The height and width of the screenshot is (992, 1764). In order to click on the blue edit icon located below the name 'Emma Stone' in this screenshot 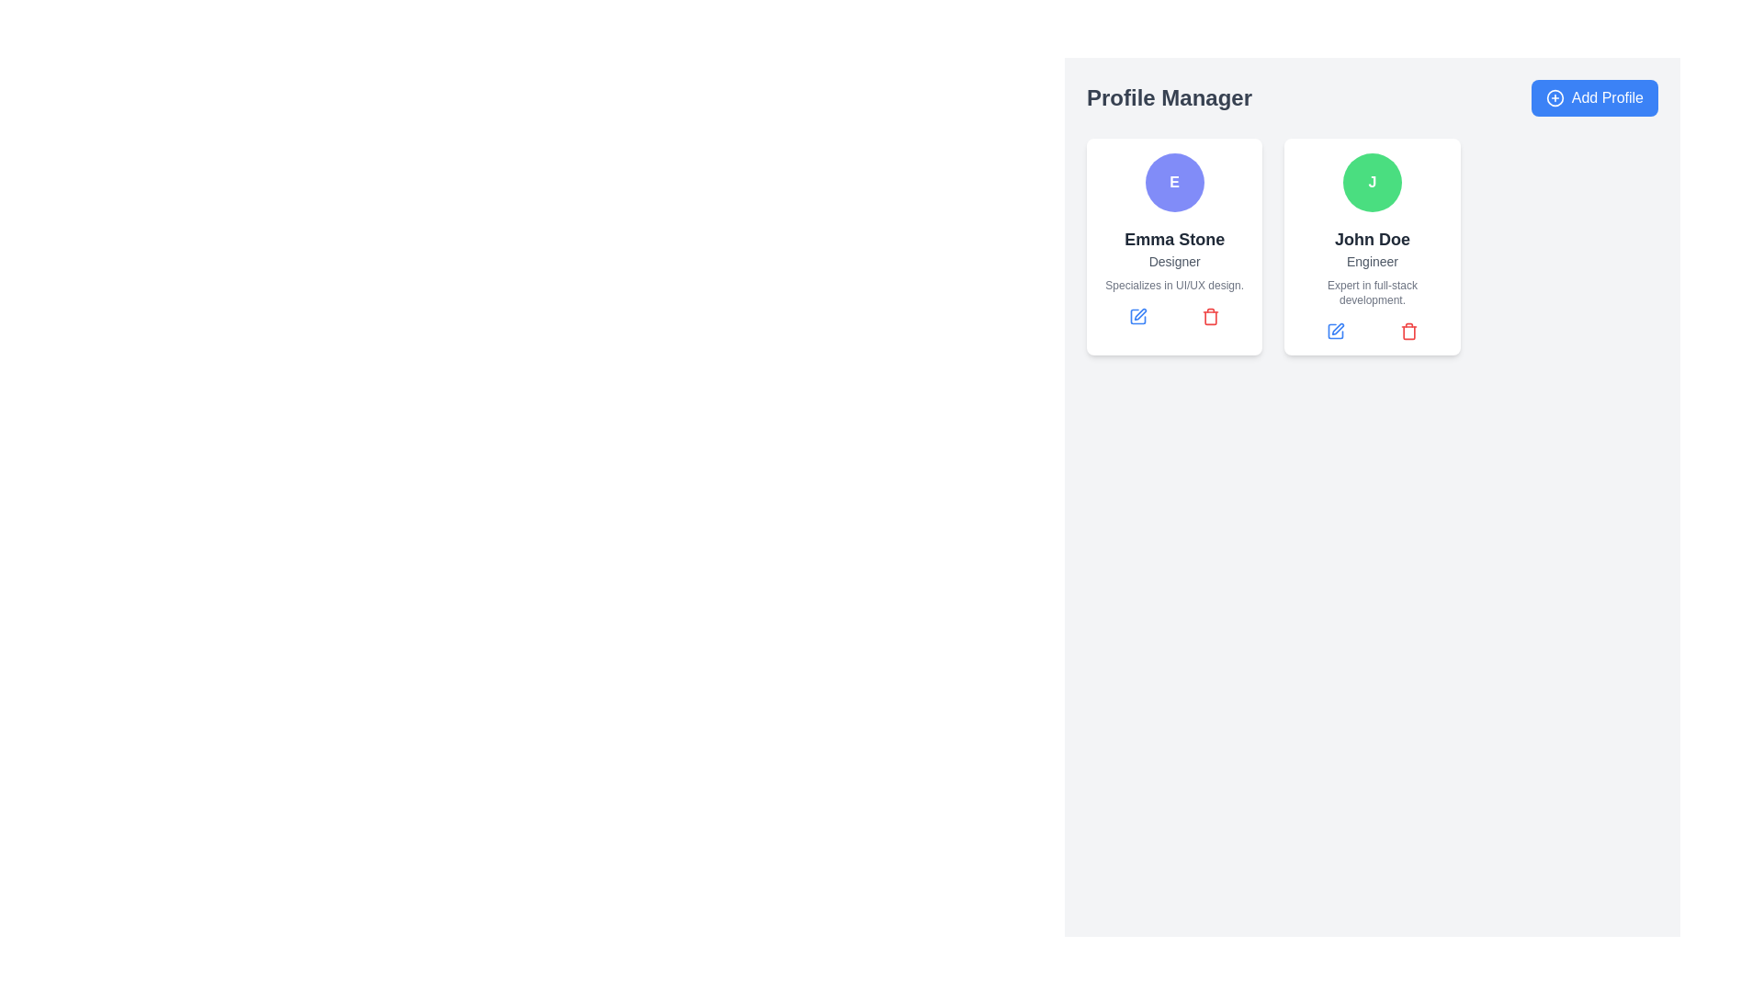, I will do `click(1136, 315)`.